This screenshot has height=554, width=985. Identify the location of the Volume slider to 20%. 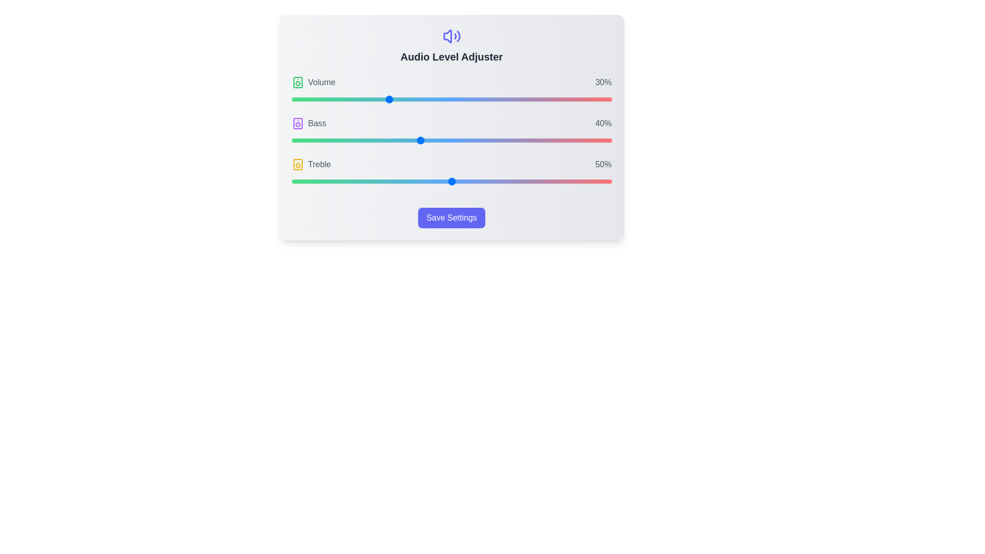
(356, 99).